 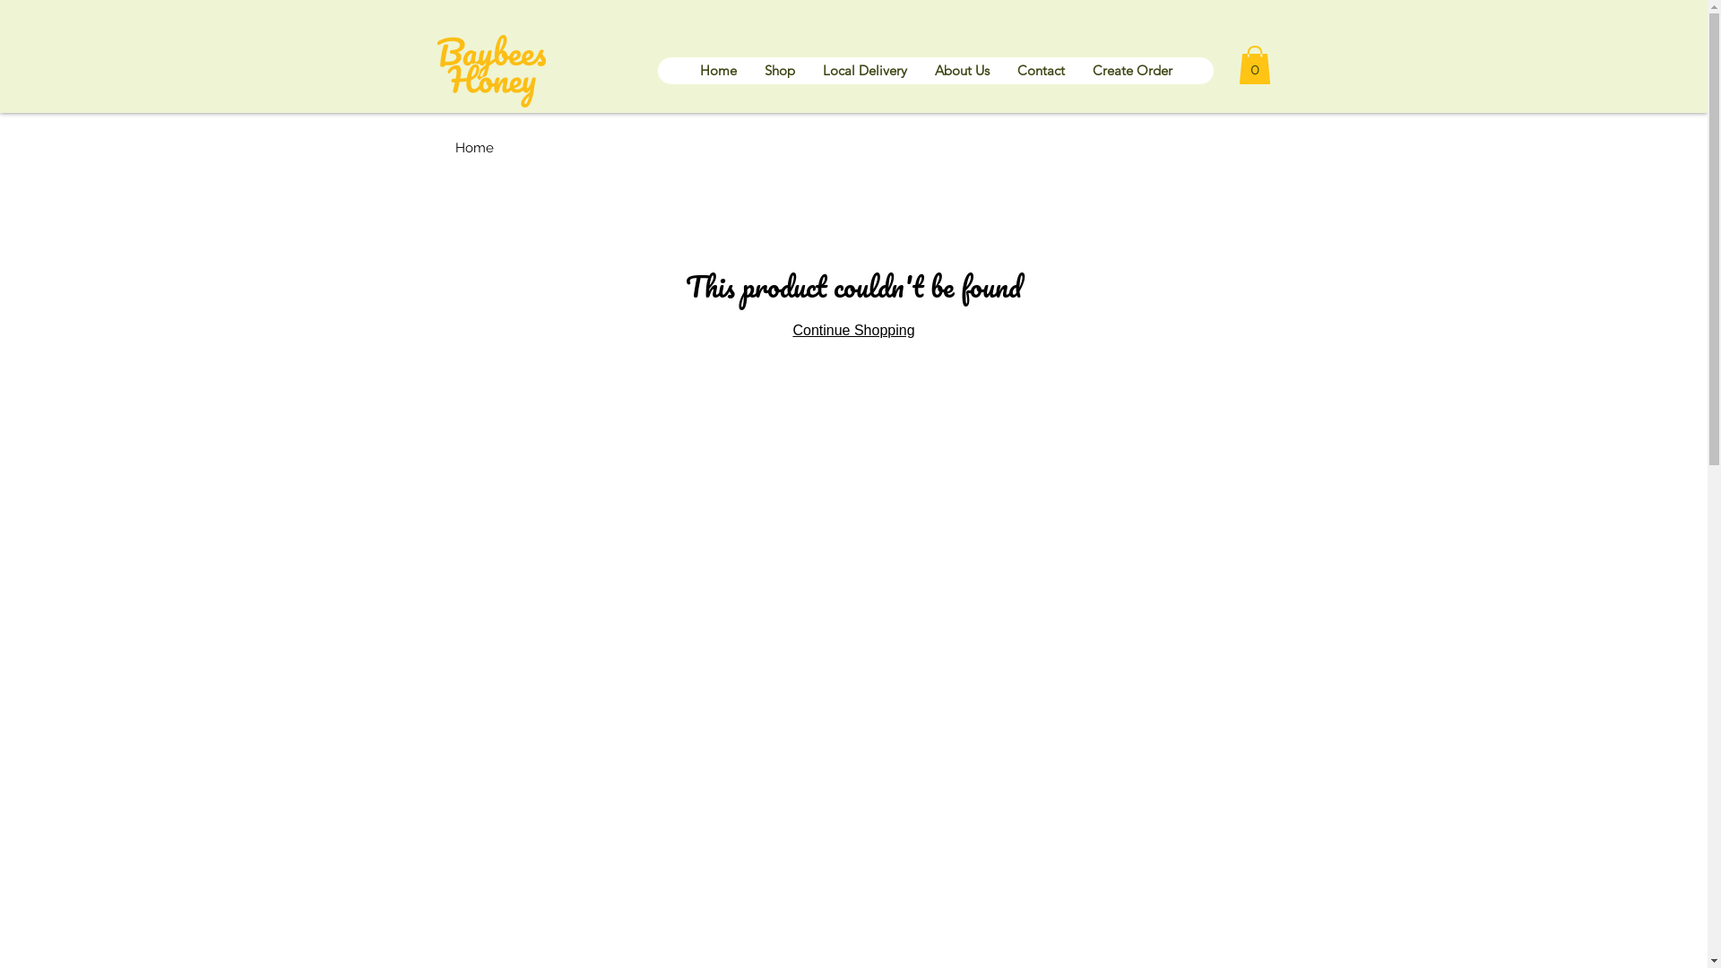 What do you see at coordinates (1130, 69) in the screenshot?
I see `'Create Order'` at bounding box center [1130, 69].